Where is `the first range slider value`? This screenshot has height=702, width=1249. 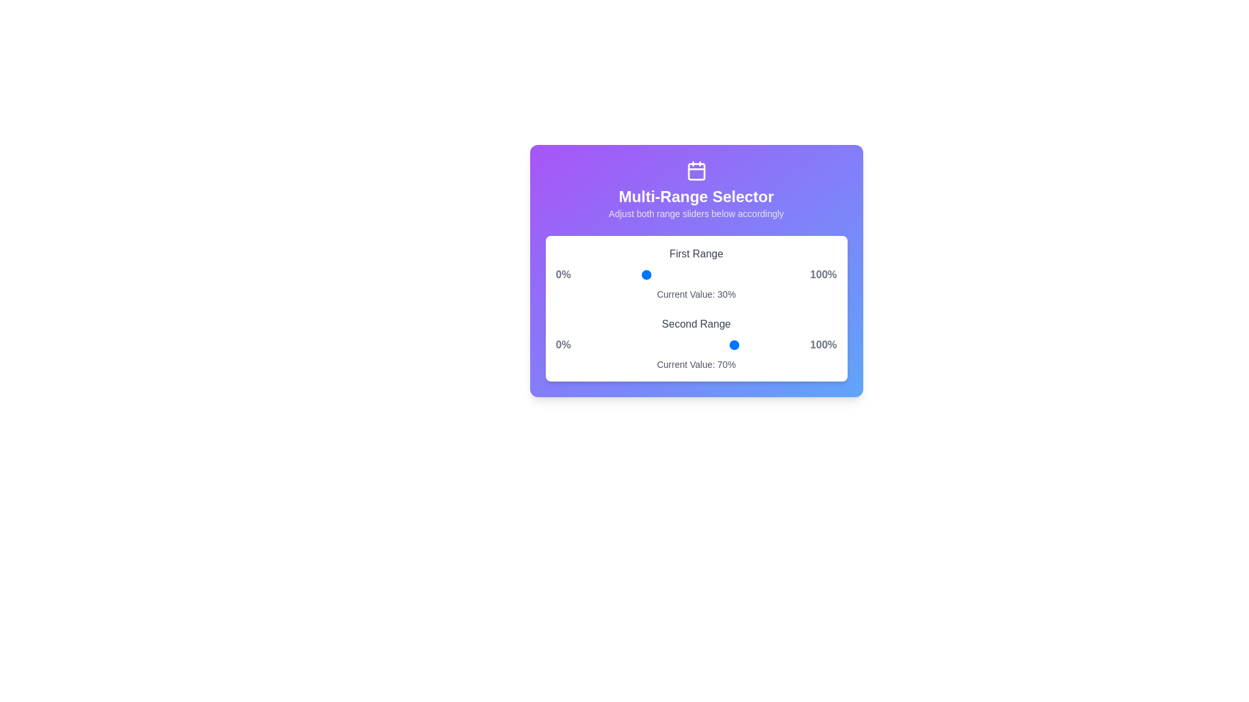 the first range slider value is located at coordinates (729, 274).